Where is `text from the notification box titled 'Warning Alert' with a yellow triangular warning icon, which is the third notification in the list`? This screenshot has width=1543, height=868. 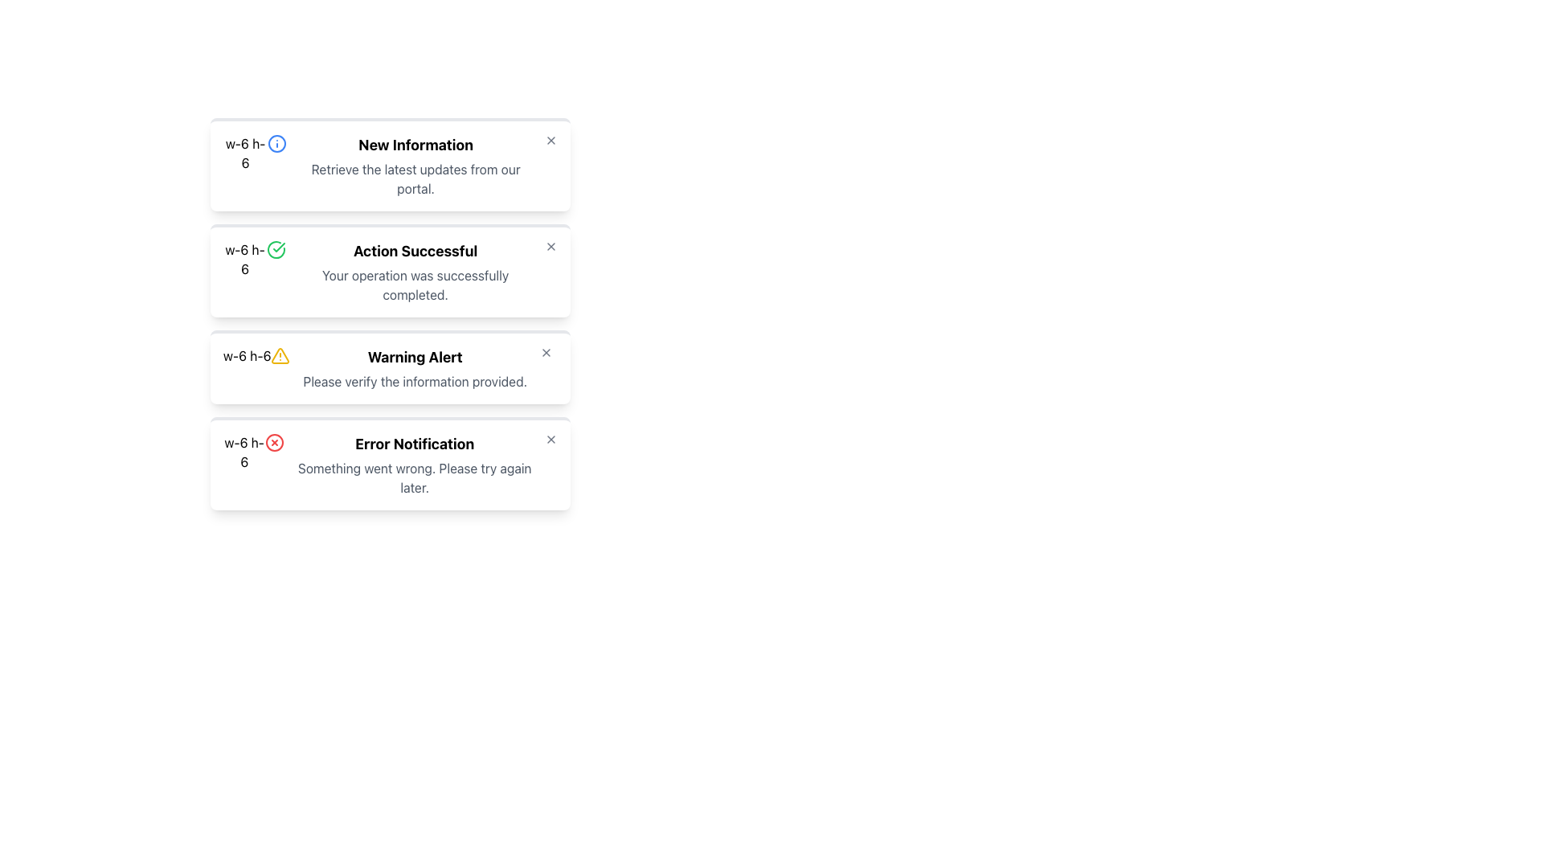
text from the notification box titled 'Warning Alert' with a yellow triangular warning icon, which is the third notification in the list is located at coordinates (390, 366).